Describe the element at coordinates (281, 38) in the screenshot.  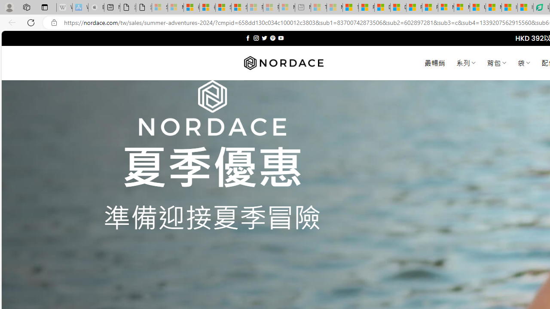
I see `'Follow on YouTube'` at that location.